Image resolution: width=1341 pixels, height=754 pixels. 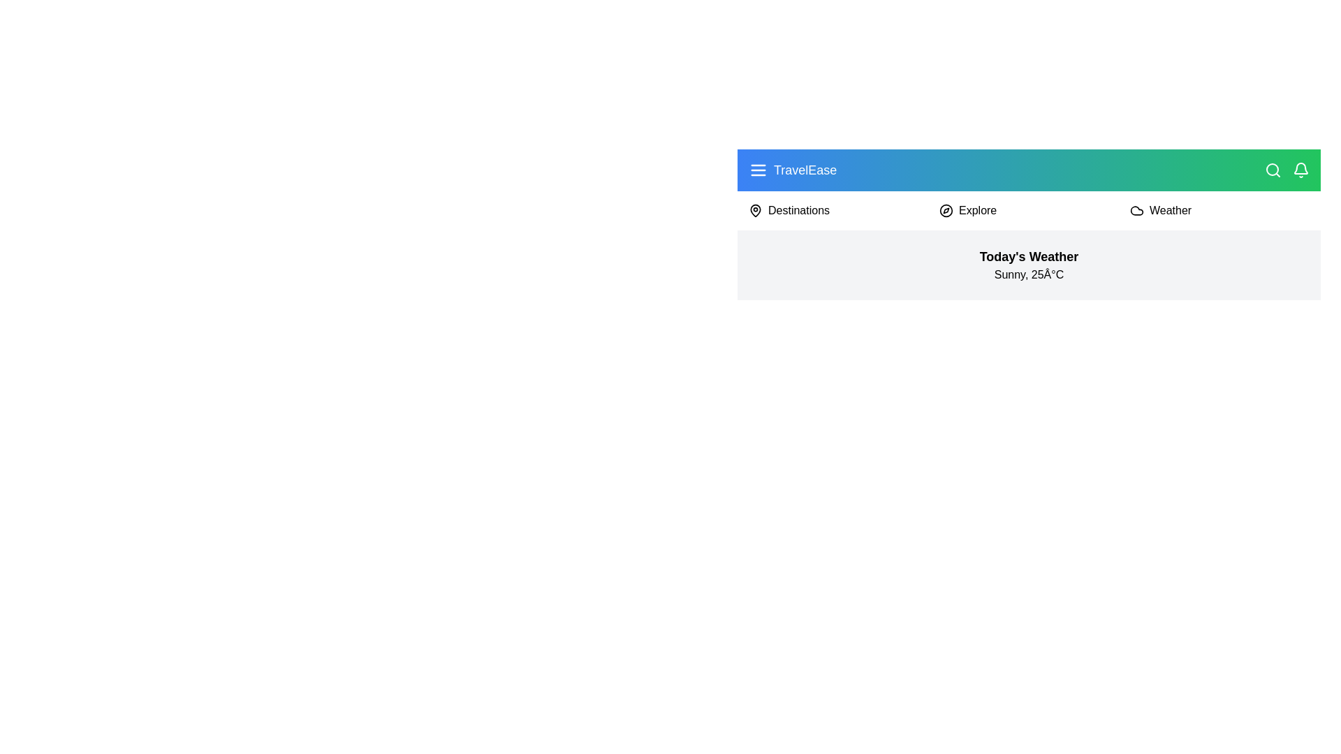 I want to click on the menu button to toggle the main menu visibility, so click(x=757, y=169).